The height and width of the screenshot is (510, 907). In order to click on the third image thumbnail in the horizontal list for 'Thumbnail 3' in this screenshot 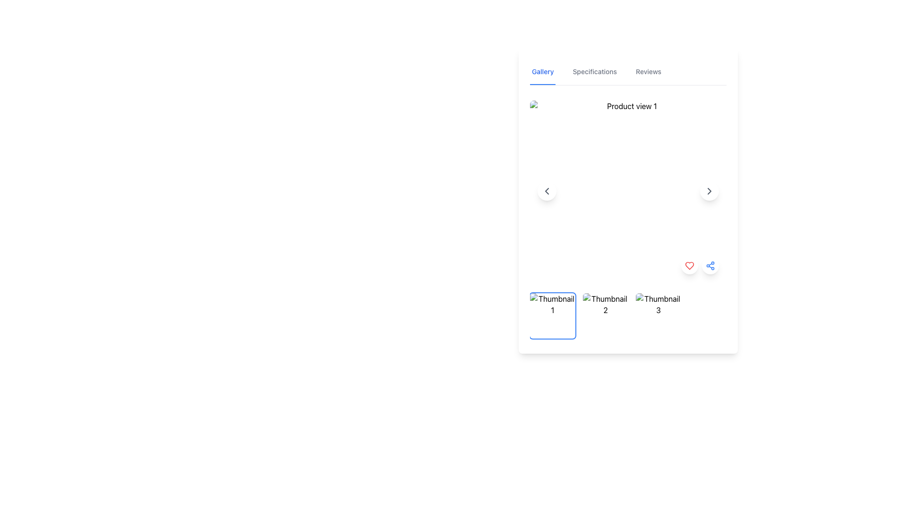, I will do `click(658, 315)`.